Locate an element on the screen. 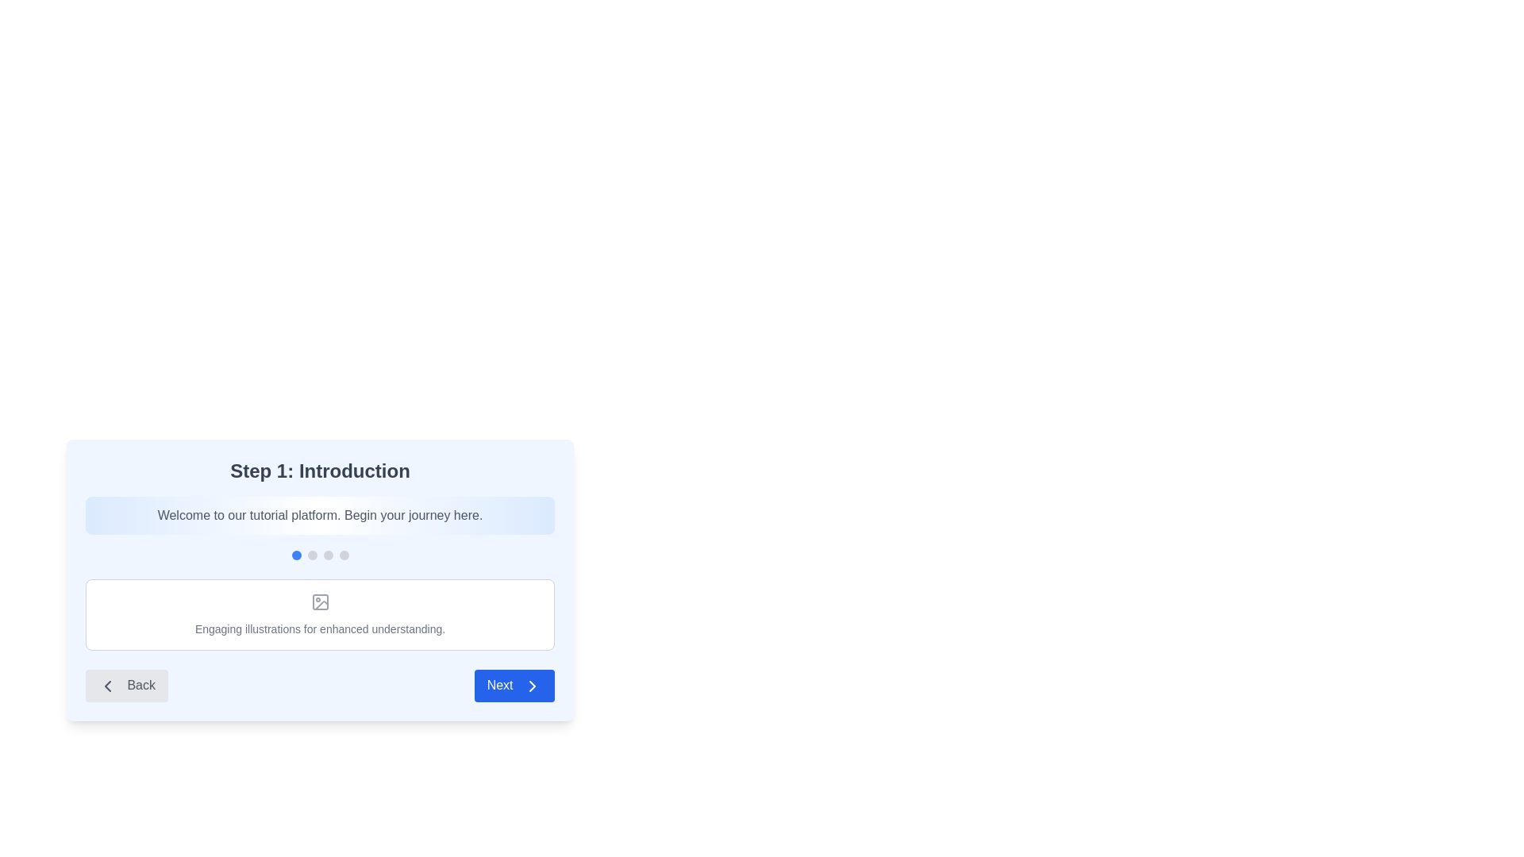 The width and height of the screenshot is (1524, 857). the visual style of the second step indicator dot in the multi-step process located centrally at the bottom section of the card-like interface is located at coordinates (312, 554).